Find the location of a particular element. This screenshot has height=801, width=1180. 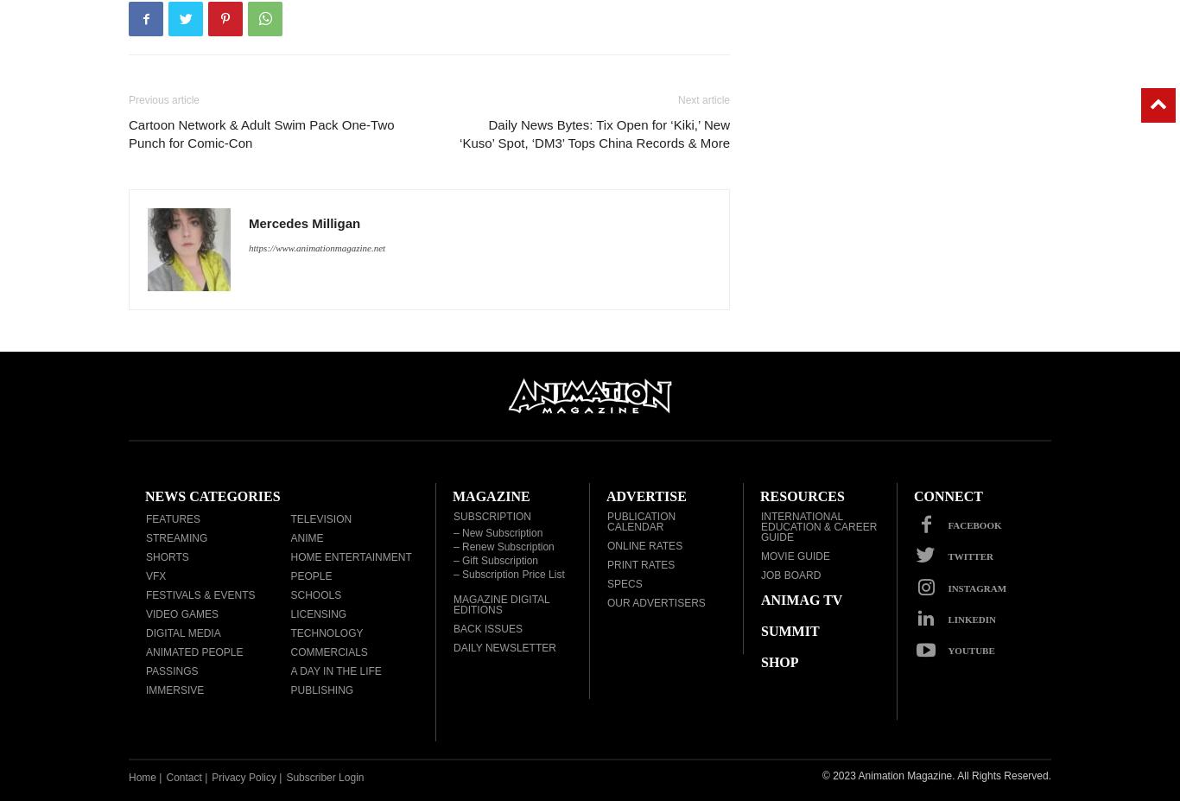

'Next article' is located at coordinates (702, 99).